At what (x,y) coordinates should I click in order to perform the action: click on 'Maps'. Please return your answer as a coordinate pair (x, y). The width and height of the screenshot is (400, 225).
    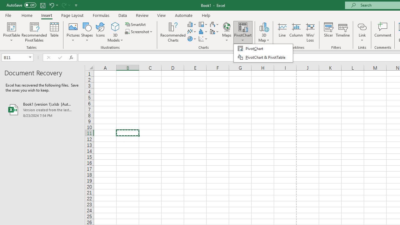
    Looking at the image, I should click on (227, 32).